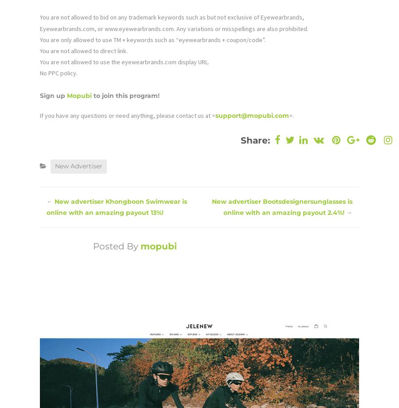 This screenshot has height=408, width=399. What do you see at coordinates (127, 114) in the screenshot?
I see `'If you have any questions or need anything, please contact us at <'` at bounding box center [127, 114].